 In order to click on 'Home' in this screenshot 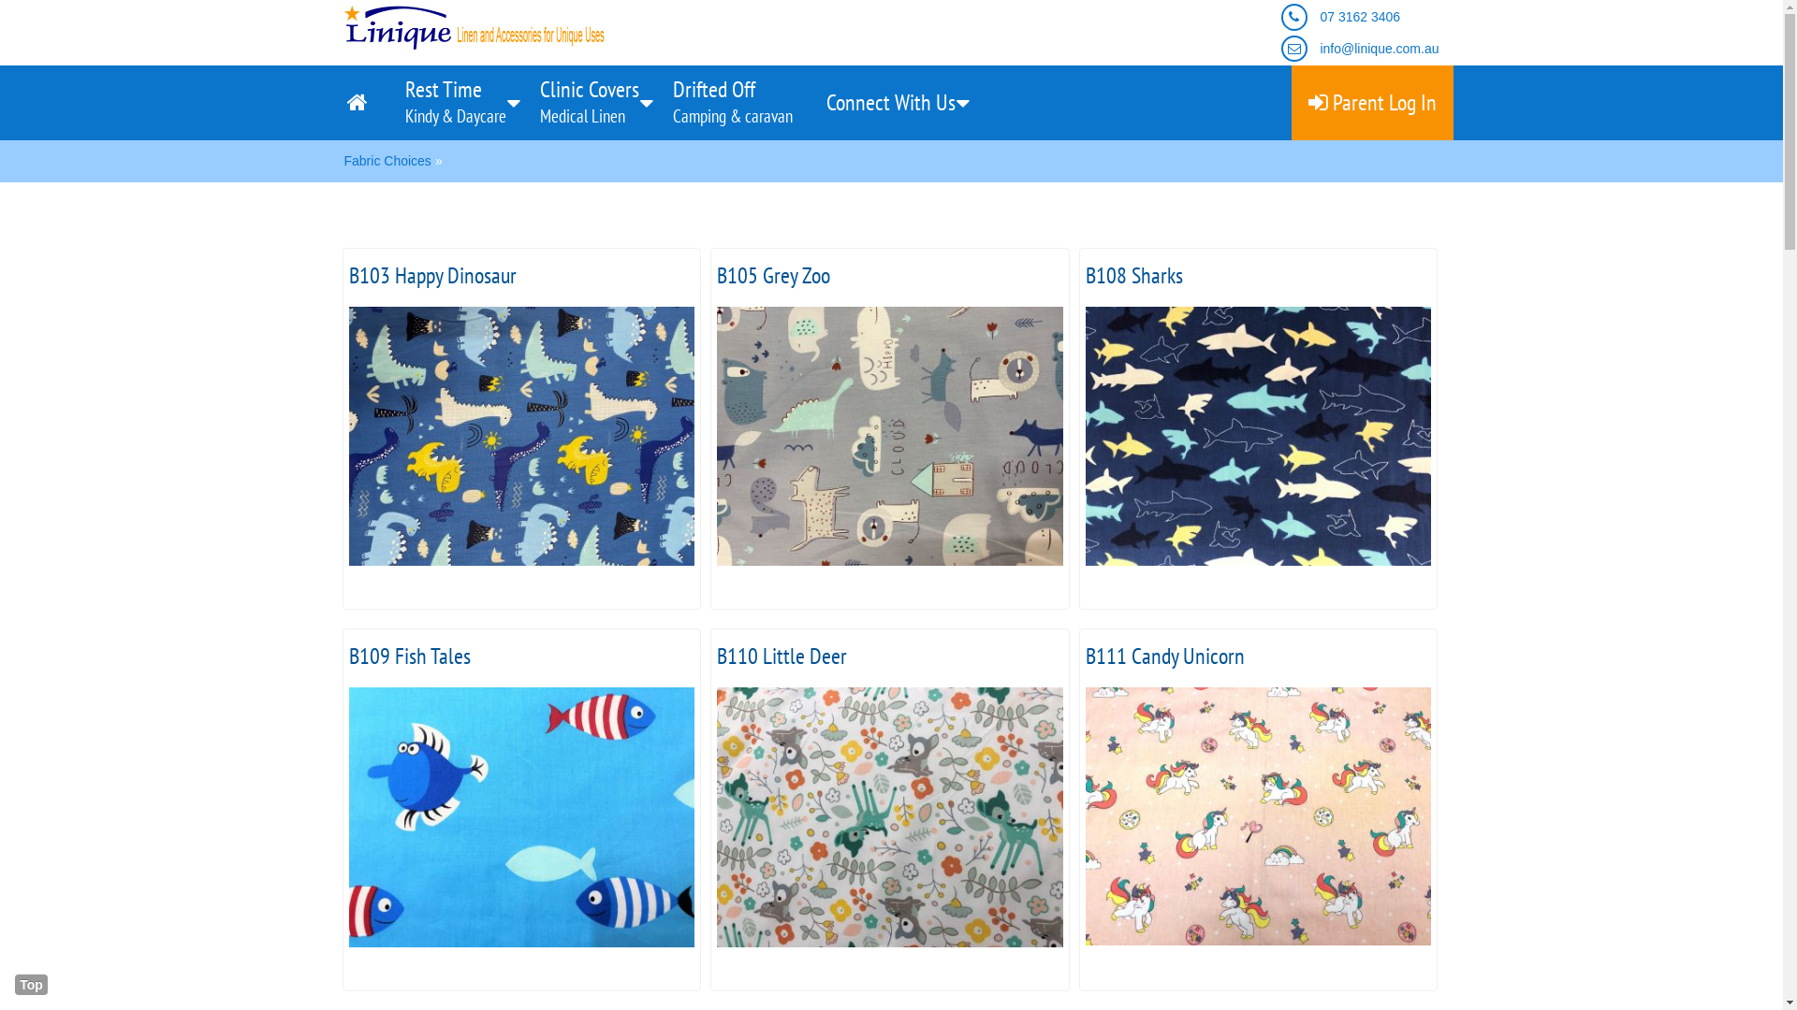, I will do `click(358, 103)`.